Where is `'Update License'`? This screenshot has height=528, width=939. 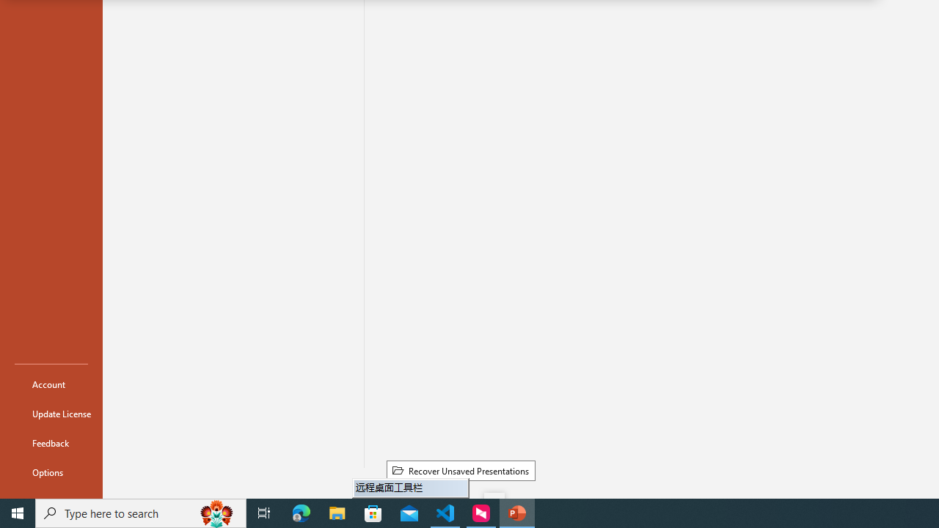 'Update License' is located at coordinates (51, 414).